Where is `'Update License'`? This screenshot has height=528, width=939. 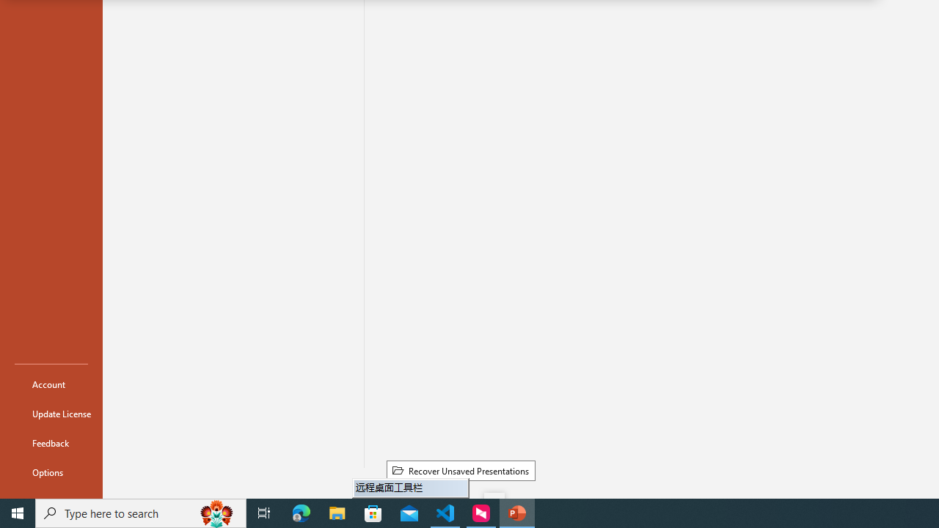 'Update License' is located at coordinates (51, 414).